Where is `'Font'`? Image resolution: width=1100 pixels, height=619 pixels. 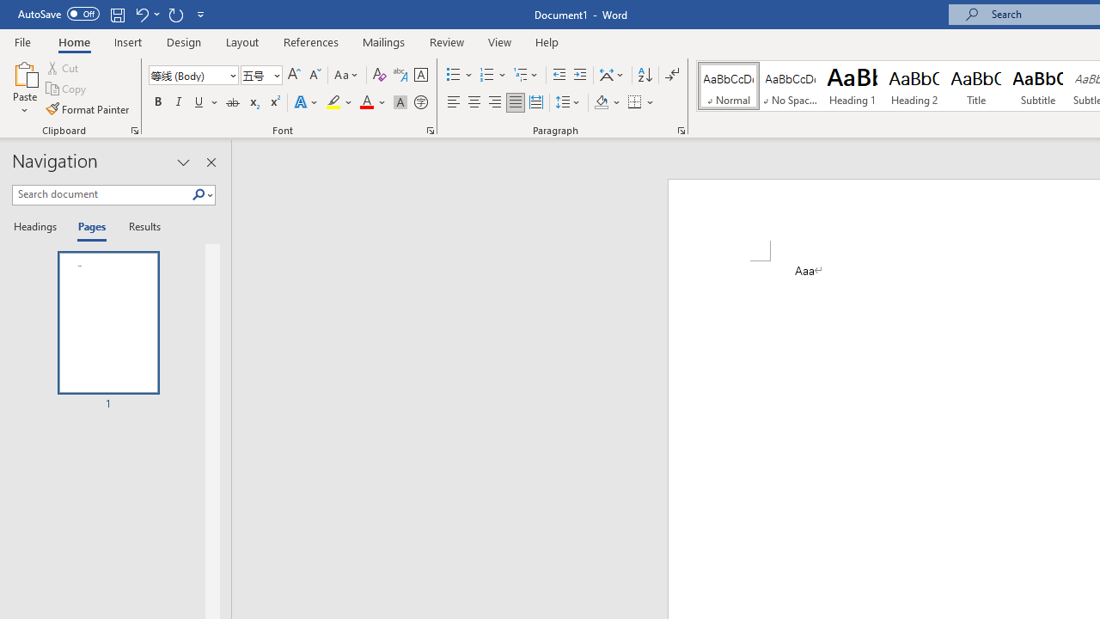
'Font' is located at coordinates (193, 74).